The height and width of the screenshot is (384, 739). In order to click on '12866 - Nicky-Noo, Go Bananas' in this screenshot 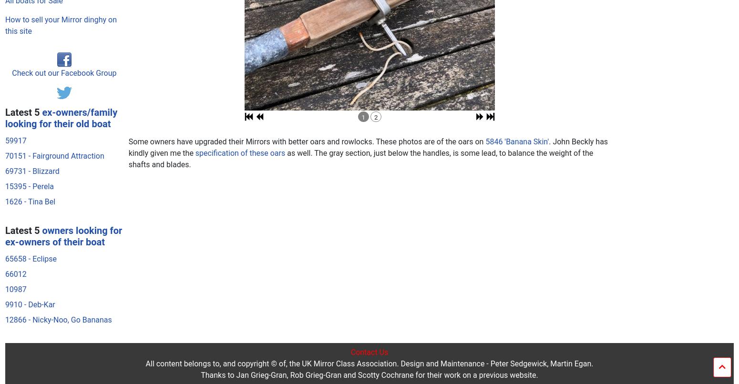, I will do `click(58, 135)`.